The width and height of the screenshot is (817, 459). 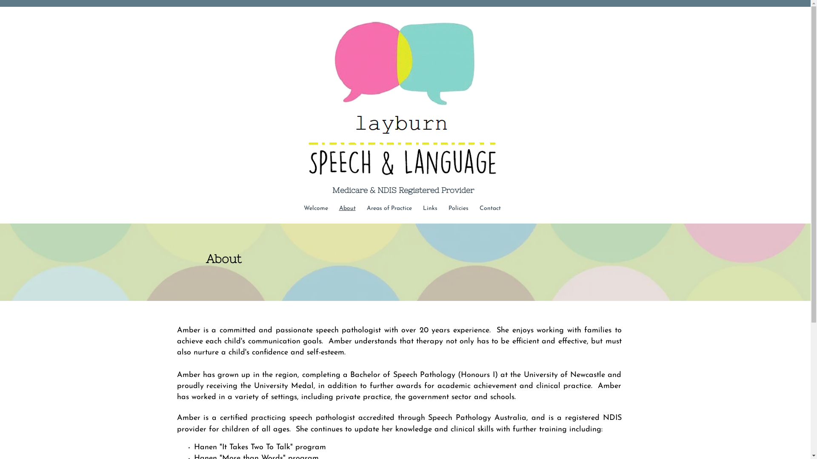 I want to click on 'Welcome', so click(x=315, y=208).